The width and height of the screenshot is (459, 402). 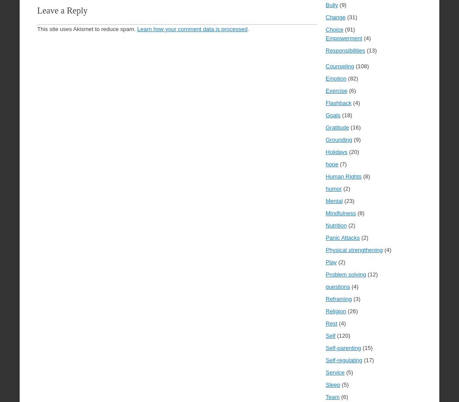 What do you see at coordinates (336, 91) in the screenshot?
I see `'Exercise'` at bounding box center [336, 91].